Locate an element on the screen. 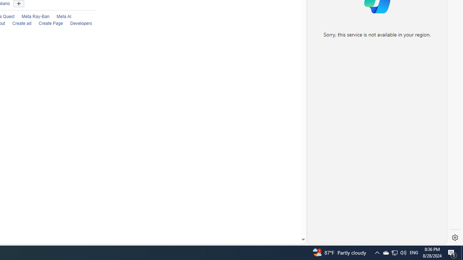  'Developers' is located at coordinates (81, 23).